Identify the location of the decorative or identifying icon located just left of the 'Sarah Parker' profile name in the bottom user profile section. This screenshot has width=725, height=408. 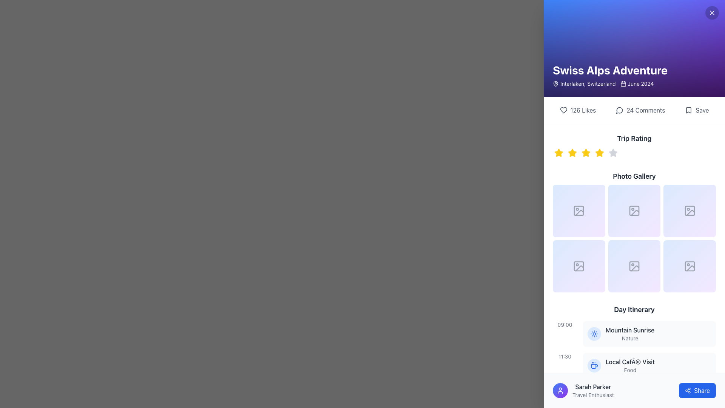
(594, 397).